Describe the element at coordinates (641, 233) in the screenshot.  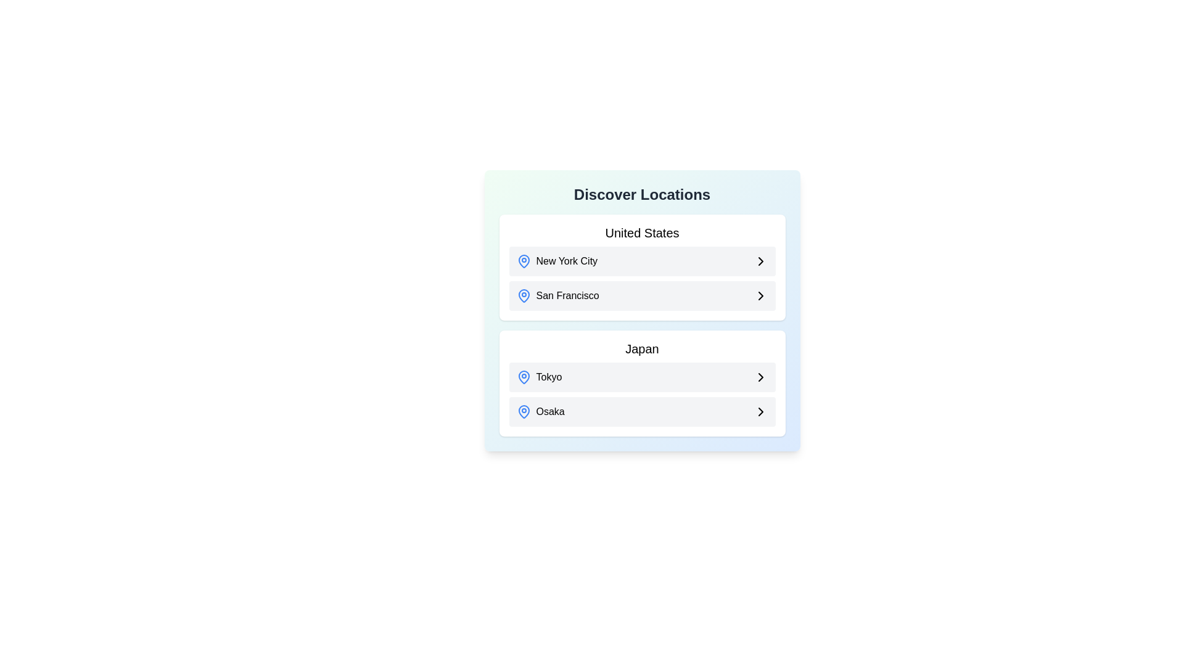
I see `the header text label displaying 'United States', which is centrally located at the top of the list box UI structure` at that location.